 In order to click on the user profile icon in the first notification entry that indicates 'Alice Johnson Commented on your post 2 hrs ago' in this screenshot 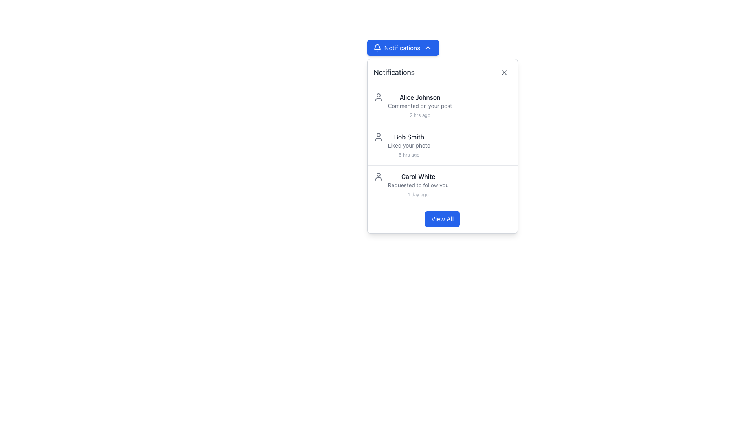, I will do `click(378, 97)`.